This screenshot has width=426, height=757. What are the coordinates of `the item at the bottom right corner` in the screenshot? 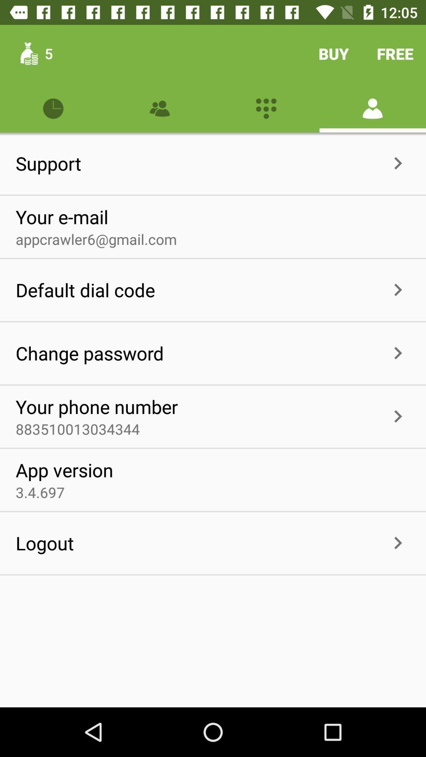 It's located at (398, 543).